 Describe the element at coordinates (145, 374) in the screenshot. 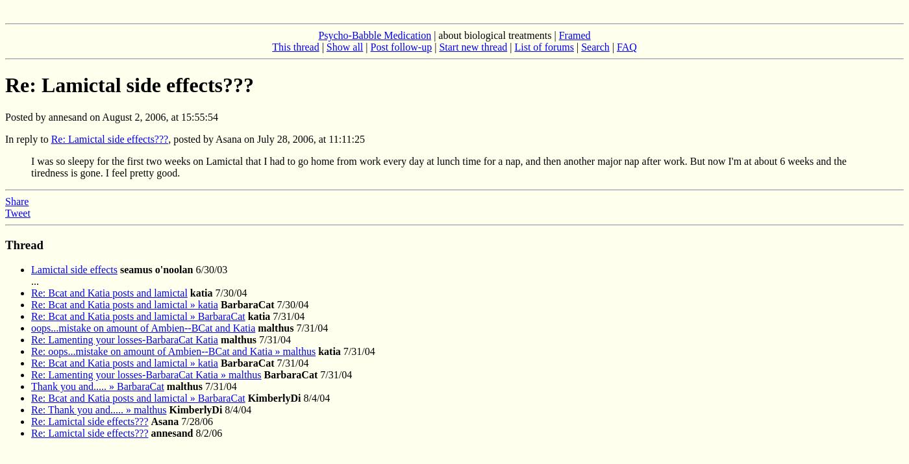

I see `'Re:  Lamenting your losses-BarbaraCat Katia » malthus'` at that location.